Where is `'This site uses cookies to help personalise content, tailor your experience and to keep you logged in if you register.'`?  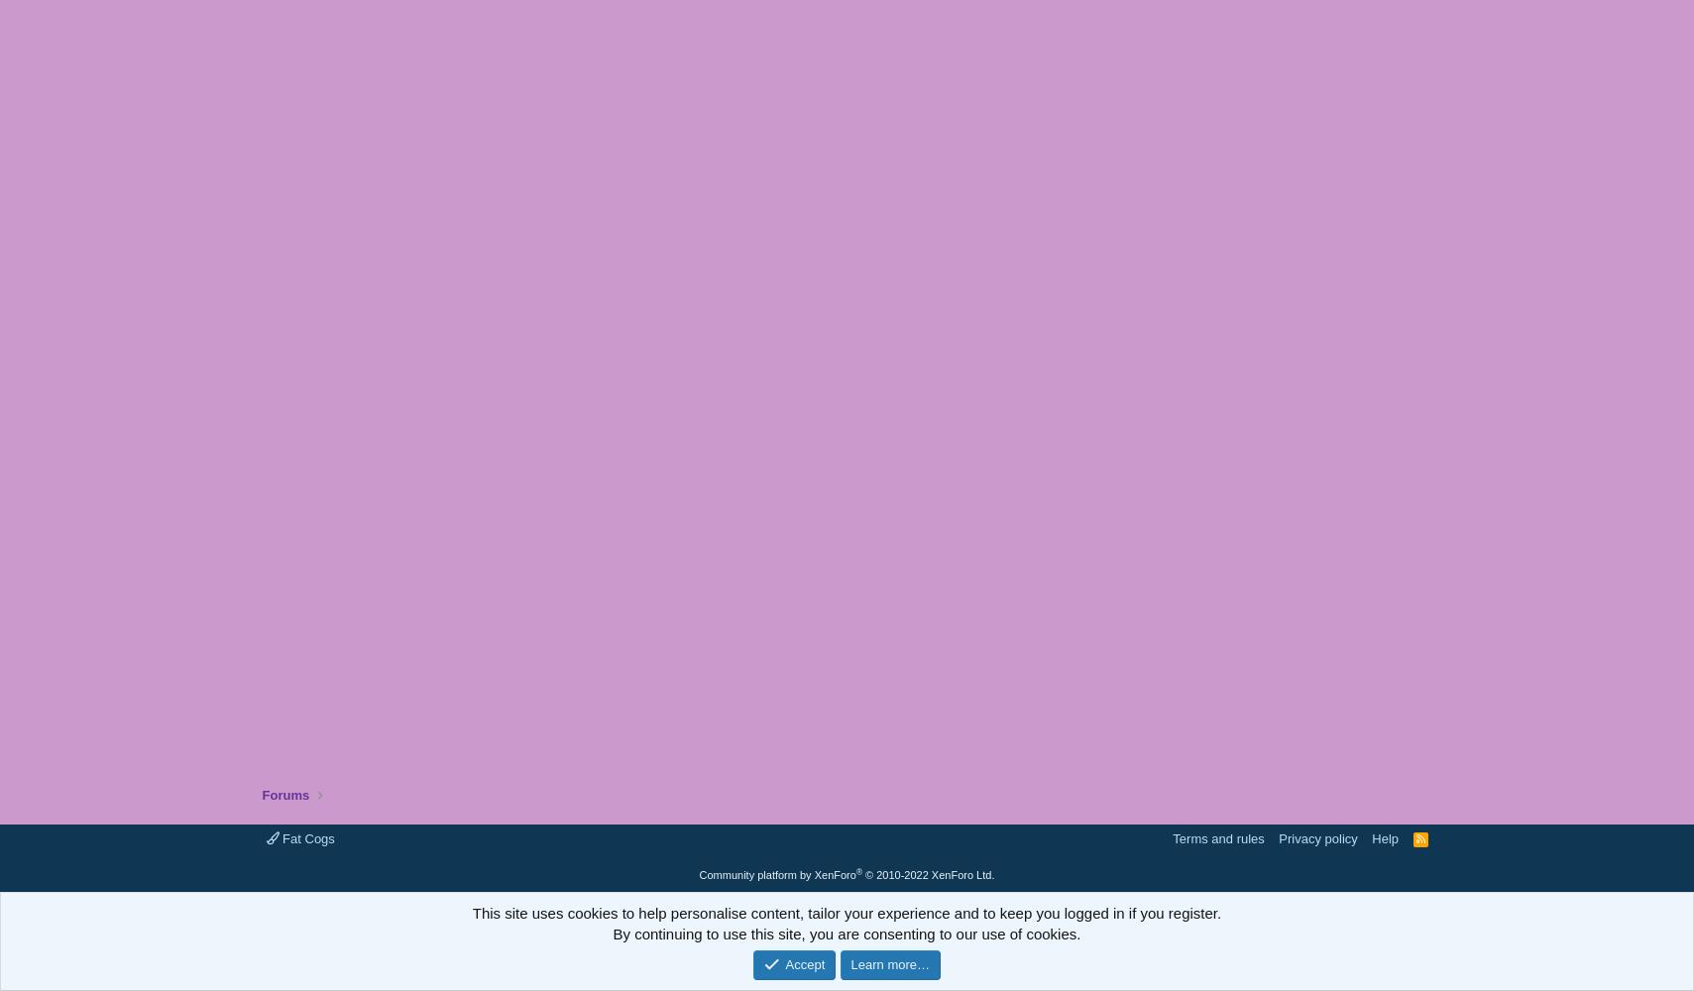
'This site uses cookies to help personalise content, tailor your experience and to keep you logged in if you register.' is located at coordinates (845, 912).